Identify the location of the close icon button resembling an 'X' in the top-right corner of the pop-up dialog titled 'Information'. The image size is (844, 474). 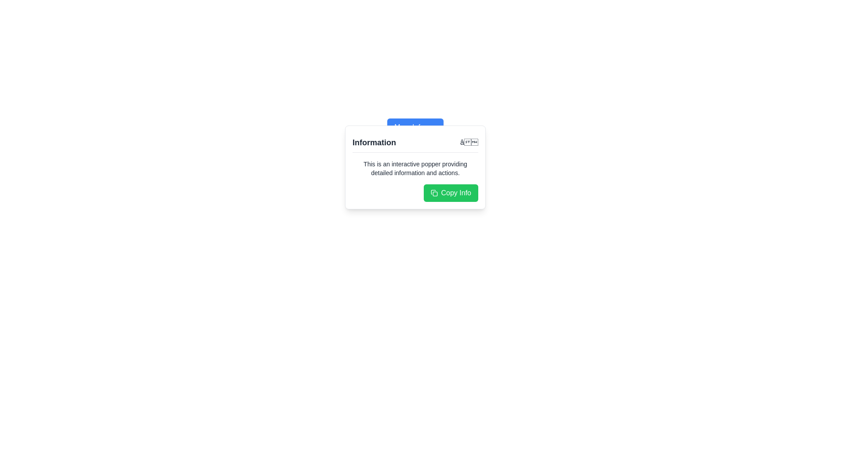
(469, 142).